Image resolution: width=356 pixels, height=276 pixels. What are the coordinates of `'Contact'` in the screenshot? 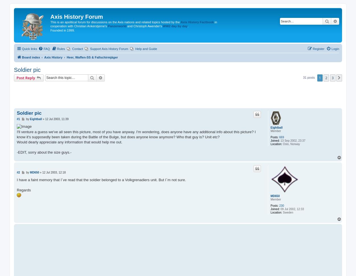 It's located at (77, 49).